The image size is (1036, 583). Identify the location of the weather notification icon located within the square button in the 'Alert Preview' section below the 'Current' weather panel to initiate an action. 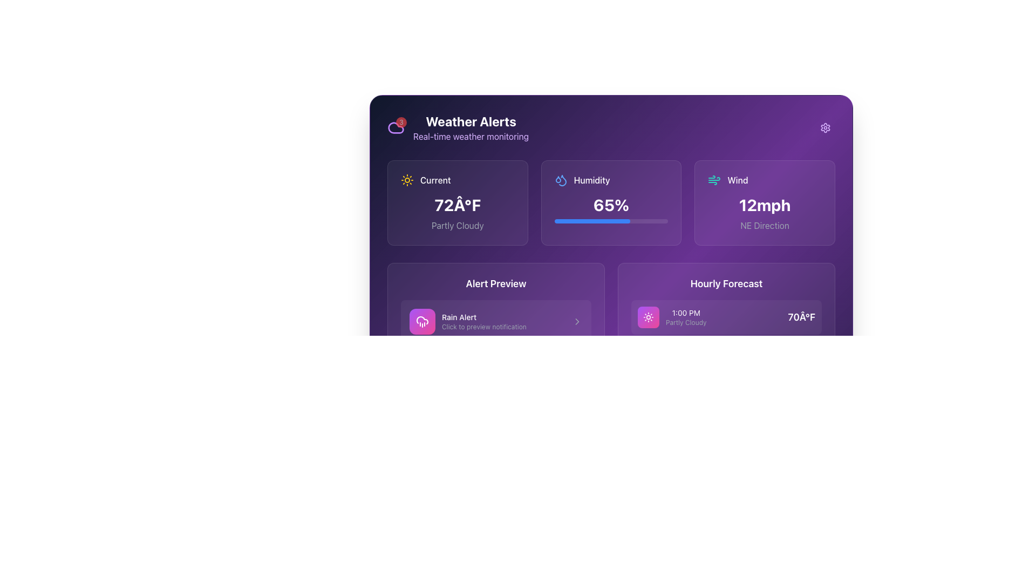
(421, 321).